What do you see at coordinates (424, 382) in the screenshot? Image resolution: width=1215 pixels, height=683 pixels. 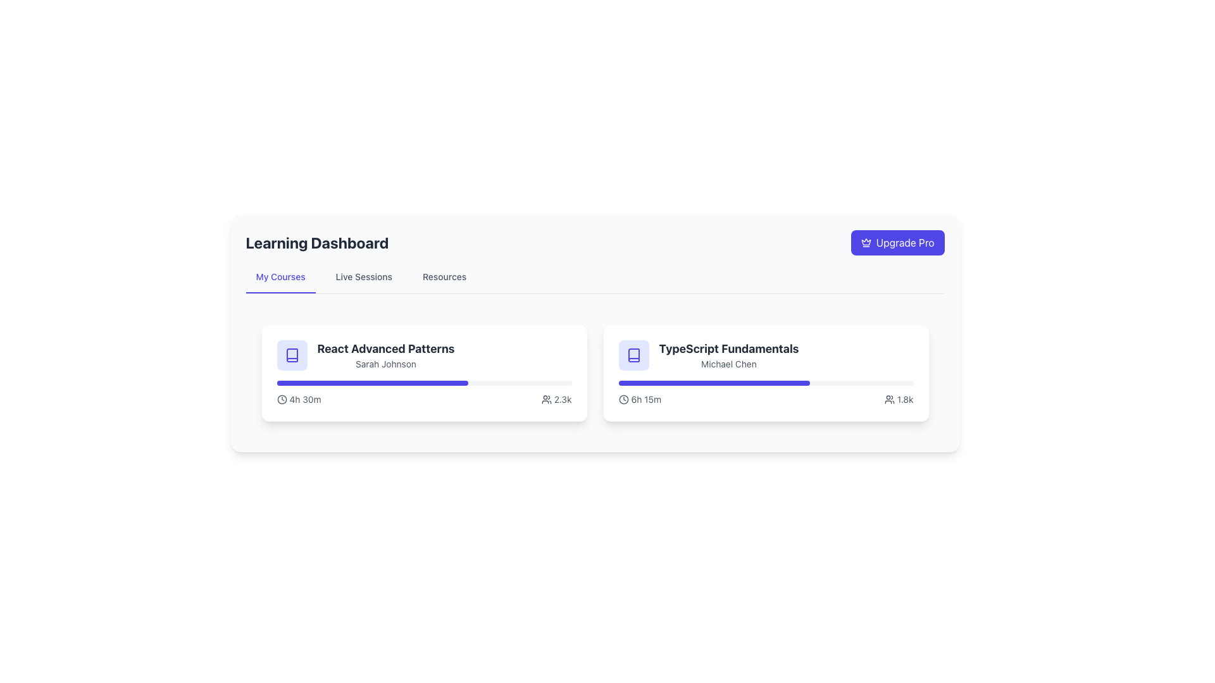 I see `the indigo-filled progress bar located in the left card of the 'My Courses' section below the title 'React Advanced Patterns'` at bounding box center [424, 382].